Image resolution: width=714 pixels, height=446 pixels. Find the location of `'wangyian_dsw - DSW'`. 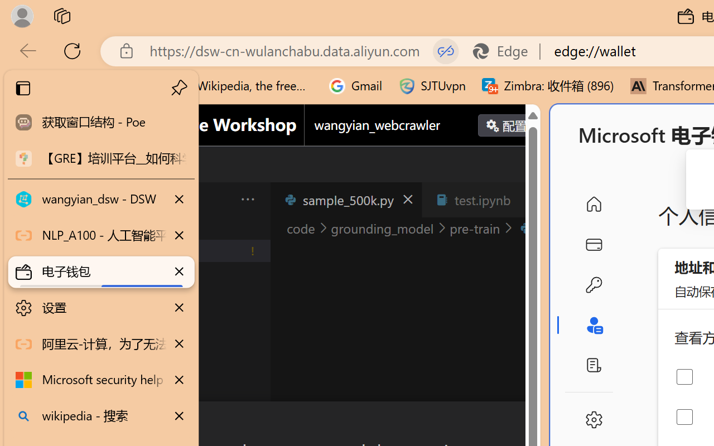

'wangyian_dsw - DSW' is located at coordinates (101, 200).